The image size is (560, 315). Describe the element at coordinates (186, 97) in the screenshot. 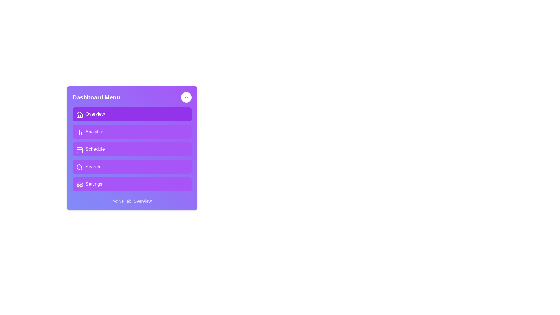

I see `the upward-pointing chevron icon, which is styled in purple and located within a circular white background, to interact with the menu items` at that location.